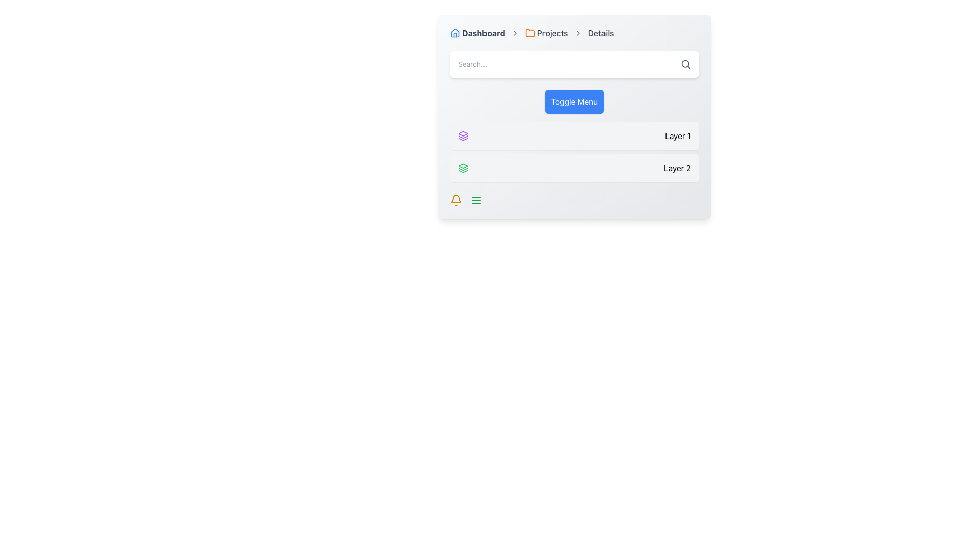 This screenshot has height=544, width=968. I want to click on the blue house icon SVG located at the far left of the header section, preceding the 'Dashboard' text, so click(454, 32).